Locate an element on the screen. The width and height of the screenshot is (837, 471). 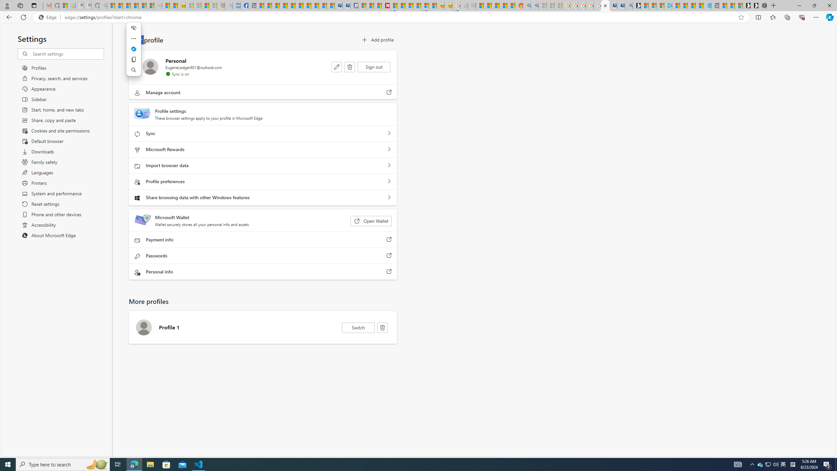
'12 Popular Science Lies that Must be Corrected - Sleeping' is located at coordinates (212, 5).